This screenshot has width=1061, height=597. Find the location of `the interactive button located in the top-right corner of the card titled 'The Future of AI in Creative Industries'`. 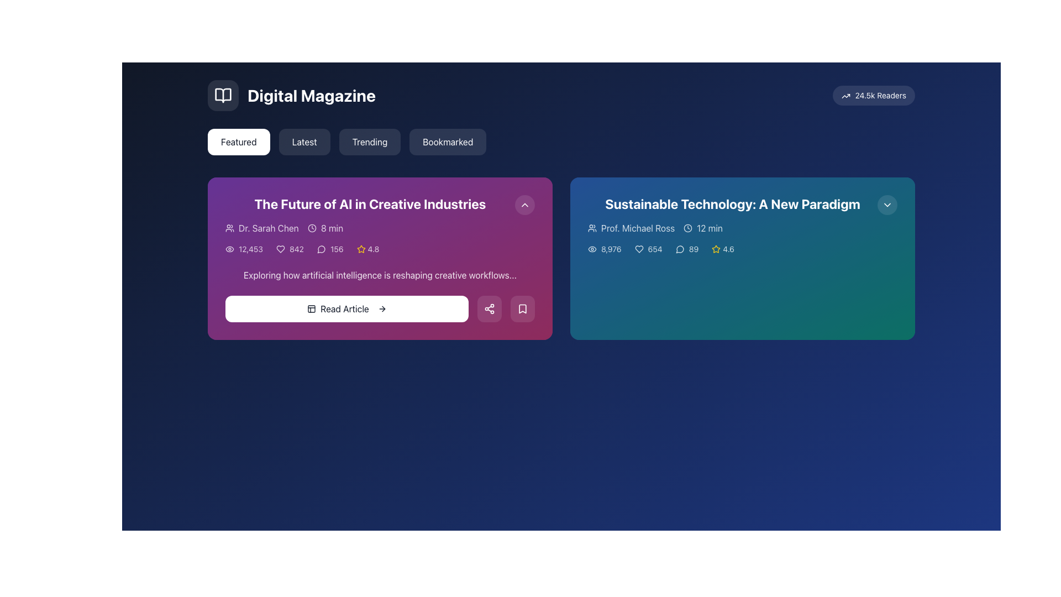

the interactive button located in the top-right corner of the card titled 'The Future of AI in Creative Industries' is located at coordinates (524, 205).